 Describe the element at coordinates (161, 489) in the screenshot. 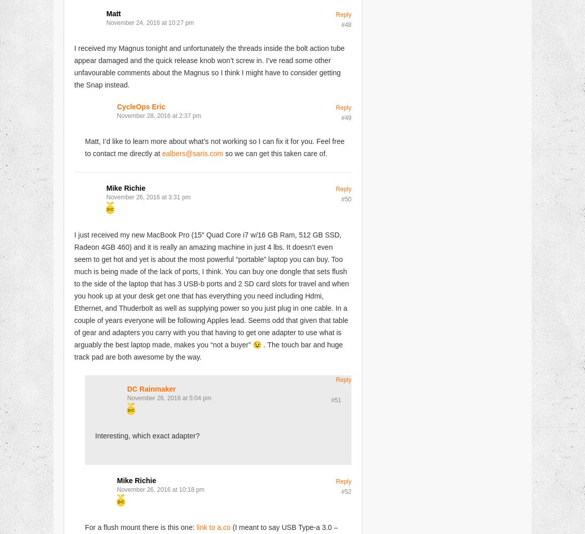

I see `'November 26, 2016 at 10:18 pm'` at that location.